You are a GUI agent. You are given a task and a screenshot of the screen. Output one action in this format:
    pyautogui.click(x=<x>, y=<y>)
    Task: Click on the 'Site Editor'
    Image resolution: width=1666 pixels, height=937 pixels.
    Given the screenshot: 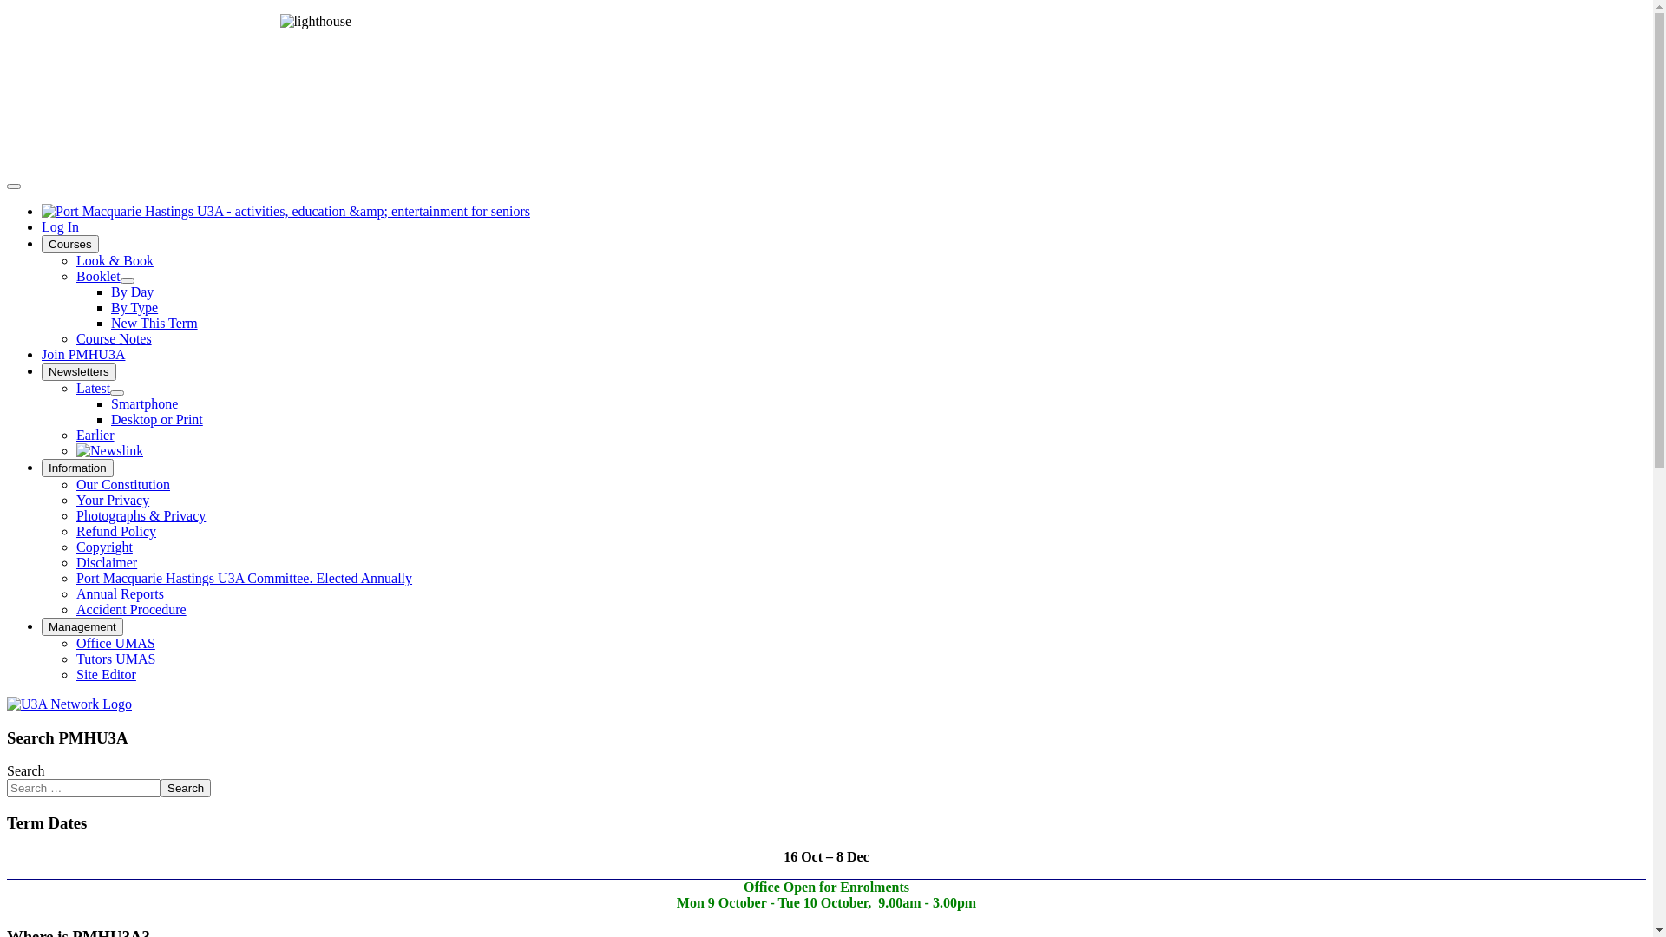 What is the action you would take?
    pyautogui.click(x=105, y=673)
    